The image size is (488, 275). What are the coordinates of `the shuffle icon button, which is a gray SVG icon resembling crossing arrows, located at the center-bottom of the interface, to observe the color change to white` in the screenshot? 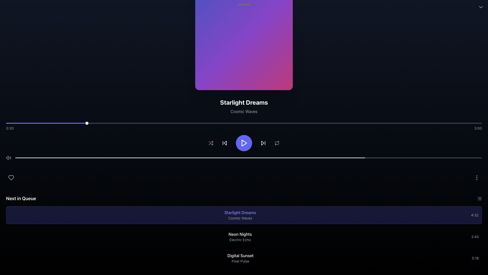 It's located at (211, 143).